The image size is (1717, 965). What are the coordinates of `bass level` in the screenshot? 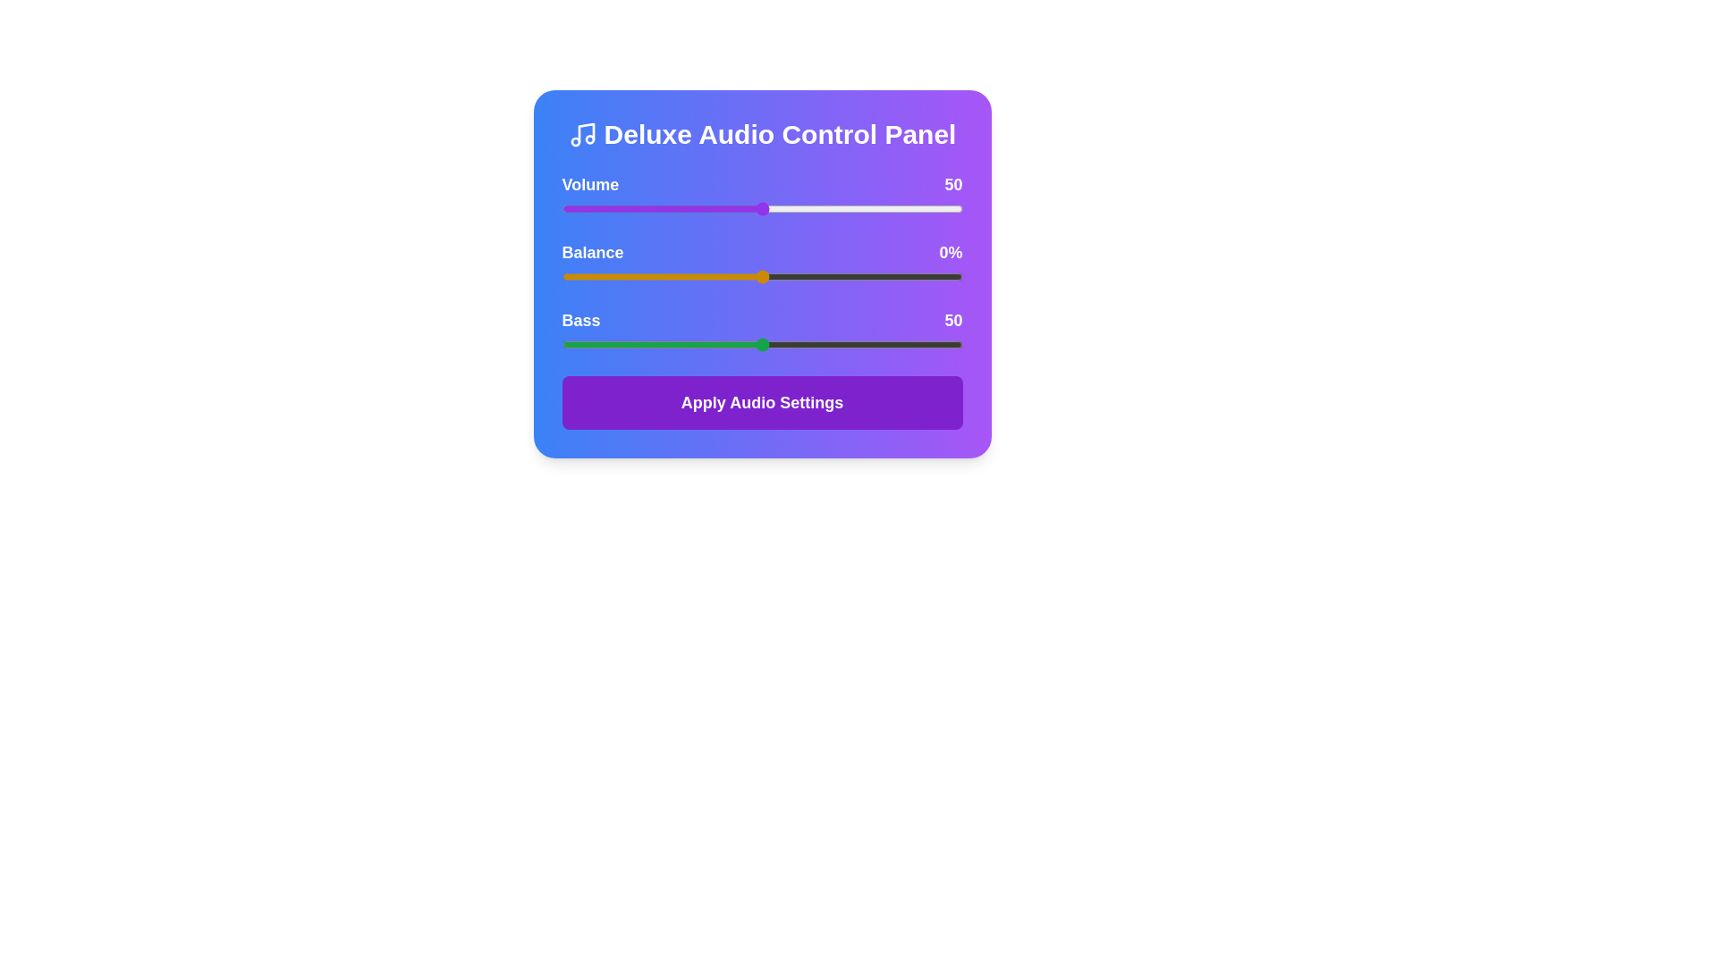 It's located at (878, 344).